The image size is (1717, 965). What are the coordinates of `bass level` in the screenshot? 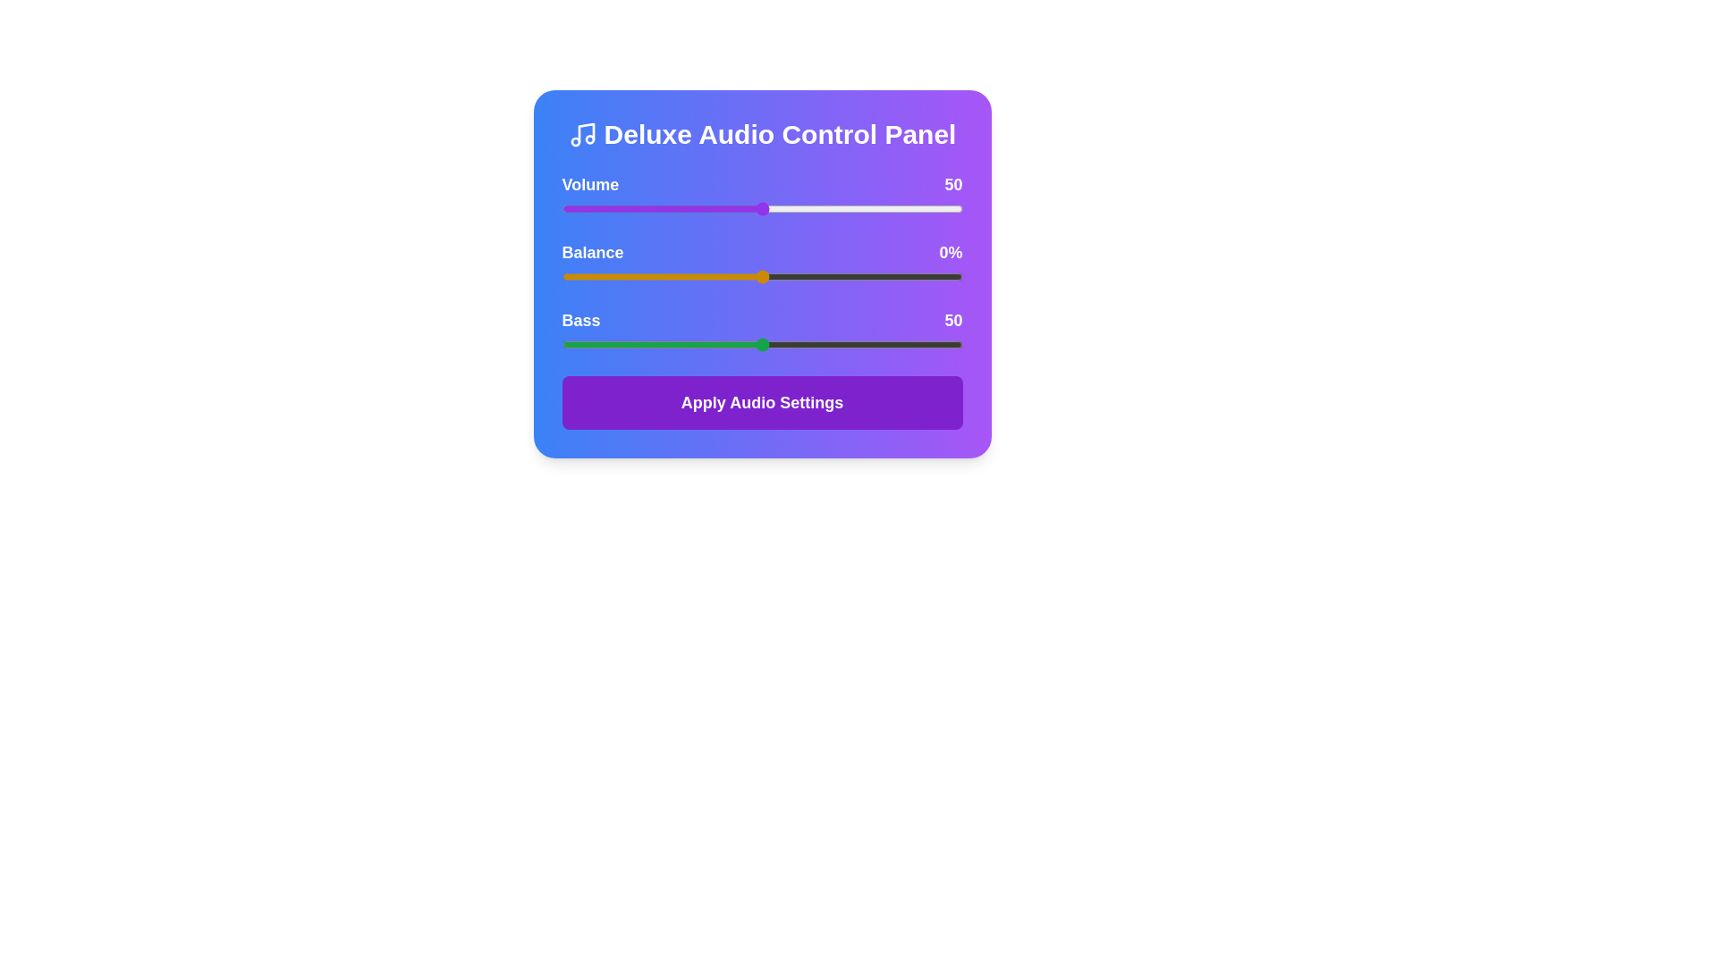 It's located at (878, 344).